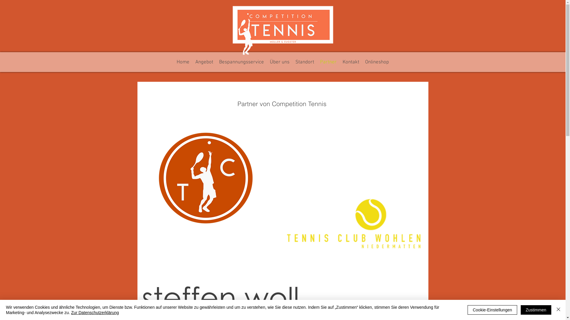  What do you see at coordinates (492, 309) in the screenshot?
I see `'Cookie-Einstellungen'` at bounding box center [492, 309].